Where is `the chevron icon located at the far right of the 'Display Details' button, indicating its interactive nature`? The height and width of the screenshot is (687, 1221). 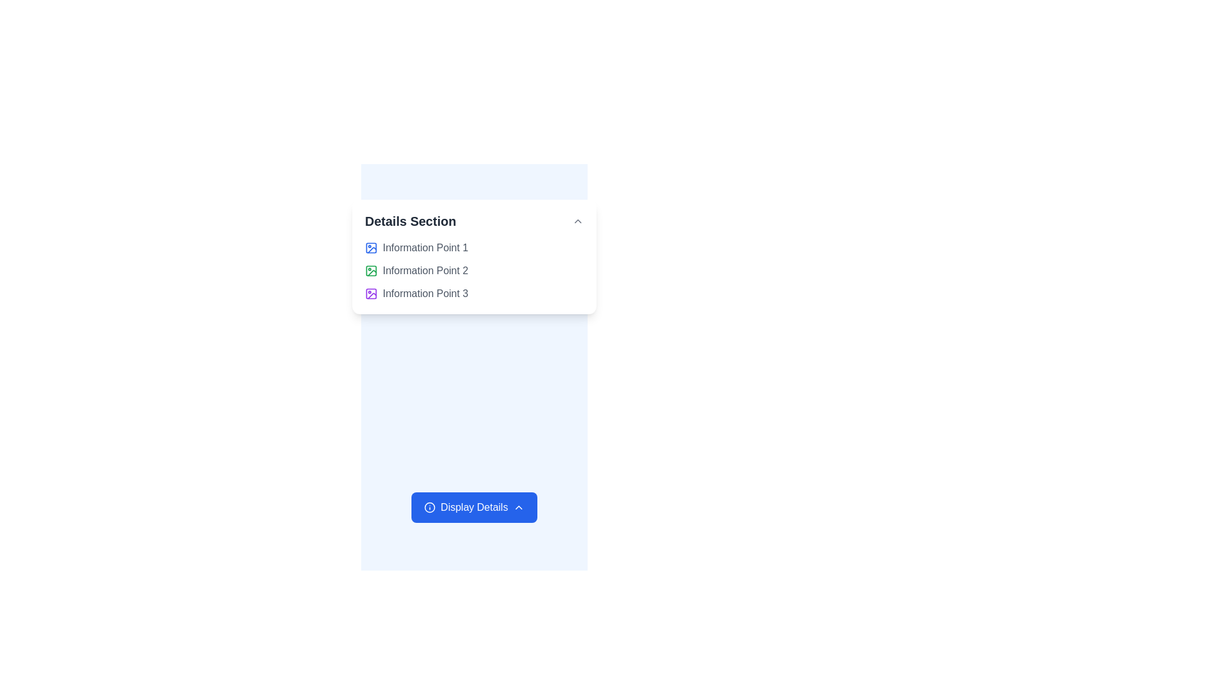
the chevron icon located at the far right of the 'Display Details' button, indicating its interactive nature is located at coordinates (519, 507).